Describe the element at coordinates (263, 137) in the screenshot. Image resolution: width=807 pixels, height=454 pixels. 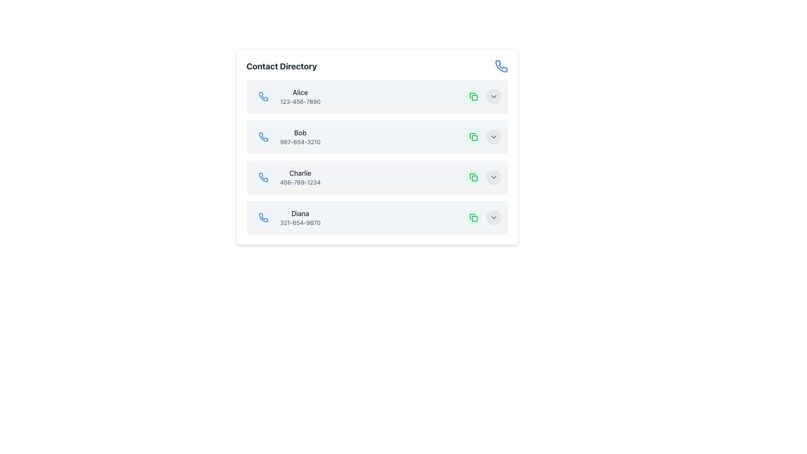
I see `the blue phone icon located in the second row of the contact directory, positioned to the left of the text 'Bob' with the phone number '987-654-3210'` at that location.